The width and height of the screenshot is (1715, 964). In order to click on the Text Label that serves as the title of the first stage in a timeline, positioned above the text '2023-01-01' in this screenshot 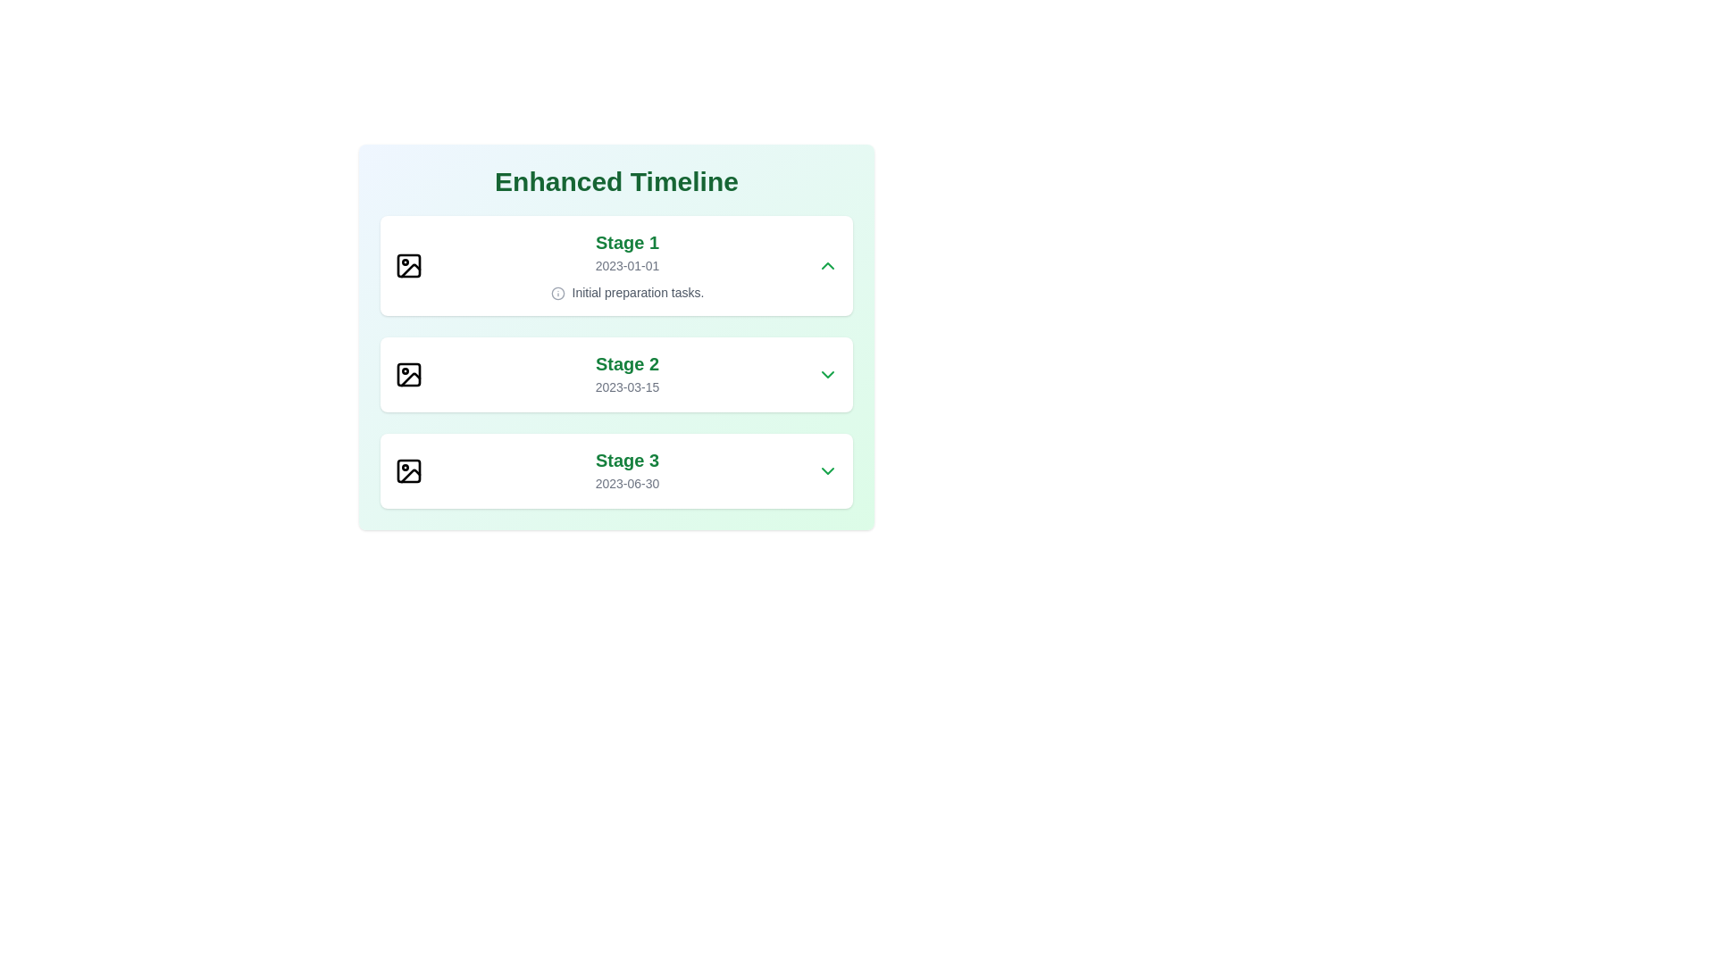, I will do `click(627, 243)`.